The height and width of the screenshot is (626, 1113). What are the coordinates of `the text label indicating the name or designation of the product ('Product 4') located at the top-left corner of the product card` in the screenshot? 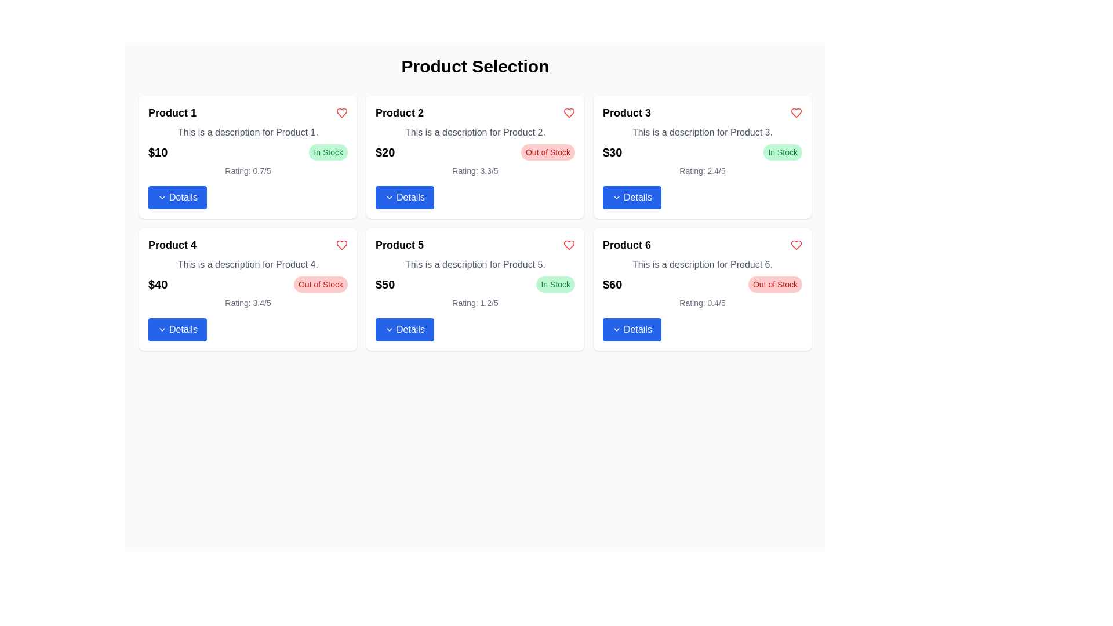 It's located at (172, 245).